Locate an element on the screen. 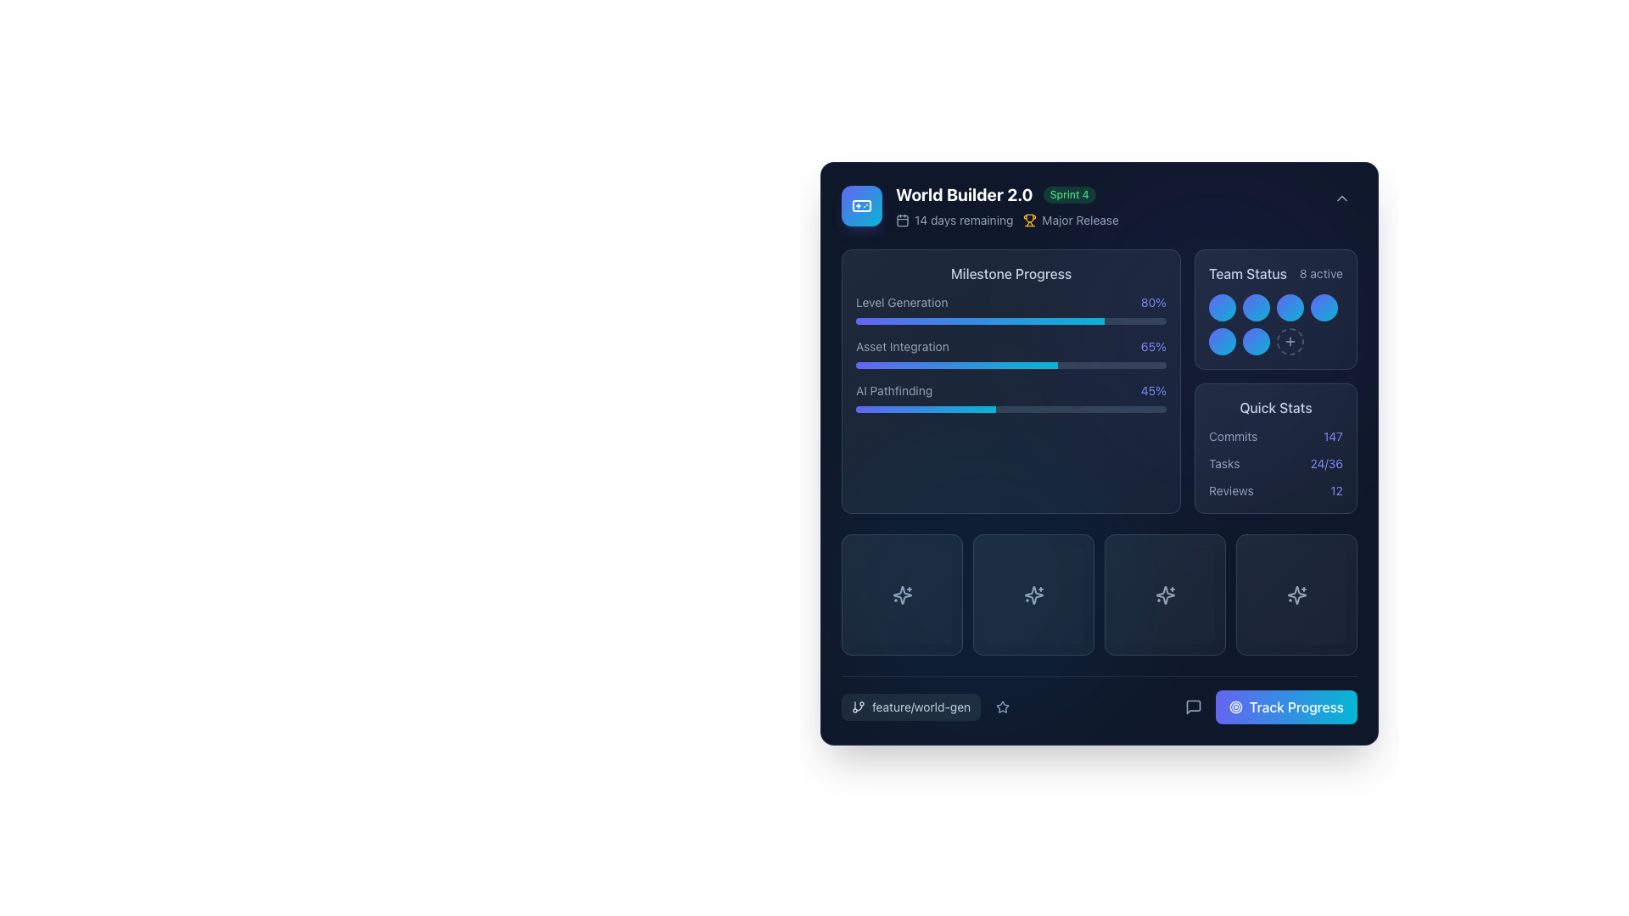 The width and height of the screenshot is (1629, 916). the 'Major Release' text label with an accompanying icon, located to the right of '14 days remaining' in the header section of the card-like interface is located at coordinates (1070, 219).